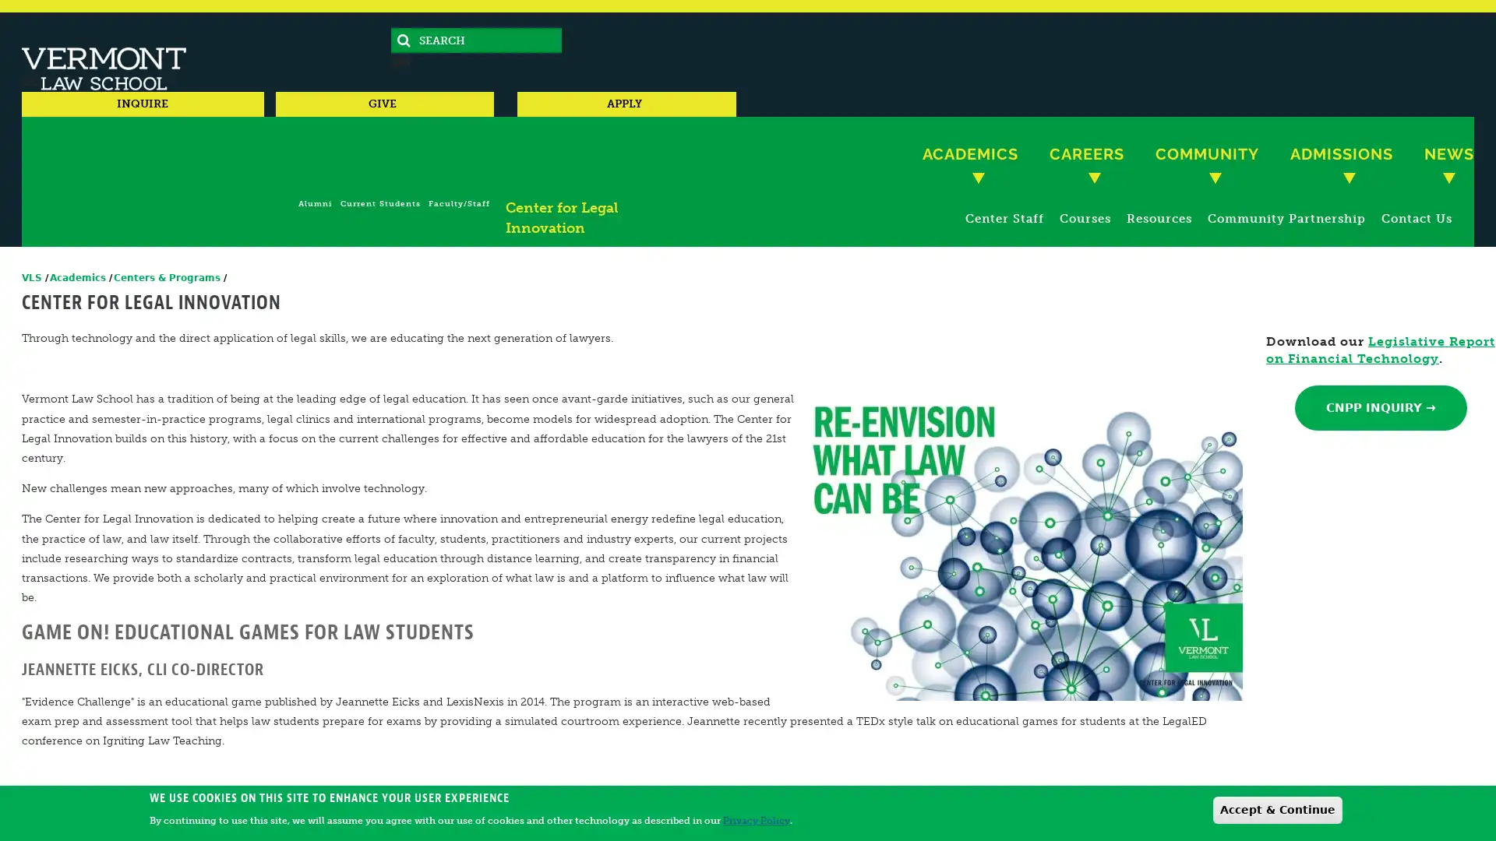 This screenshot has width=1496, height=841. Describe the element at coordinates (1278, 808) in the screenshot. I see `Accept & Continue` at that location.